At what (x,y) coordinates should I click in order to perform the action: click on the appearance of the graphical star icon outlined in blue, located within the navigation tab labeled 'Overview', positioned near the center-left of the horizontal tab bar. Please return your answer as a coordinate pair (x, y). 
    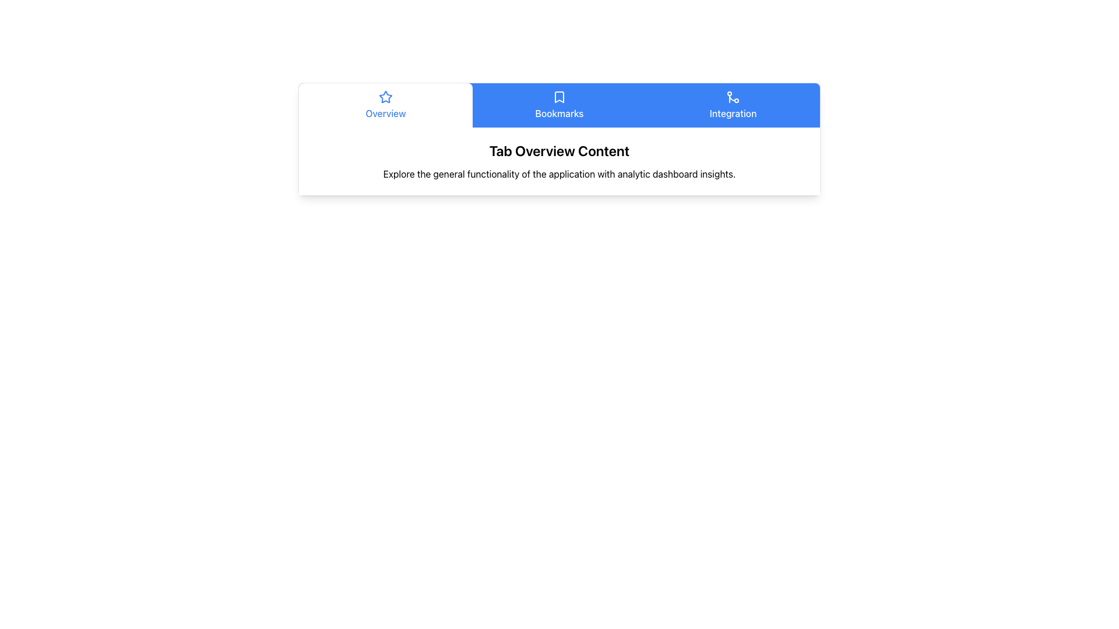
    Looking at the image, I should click on (386, 96).